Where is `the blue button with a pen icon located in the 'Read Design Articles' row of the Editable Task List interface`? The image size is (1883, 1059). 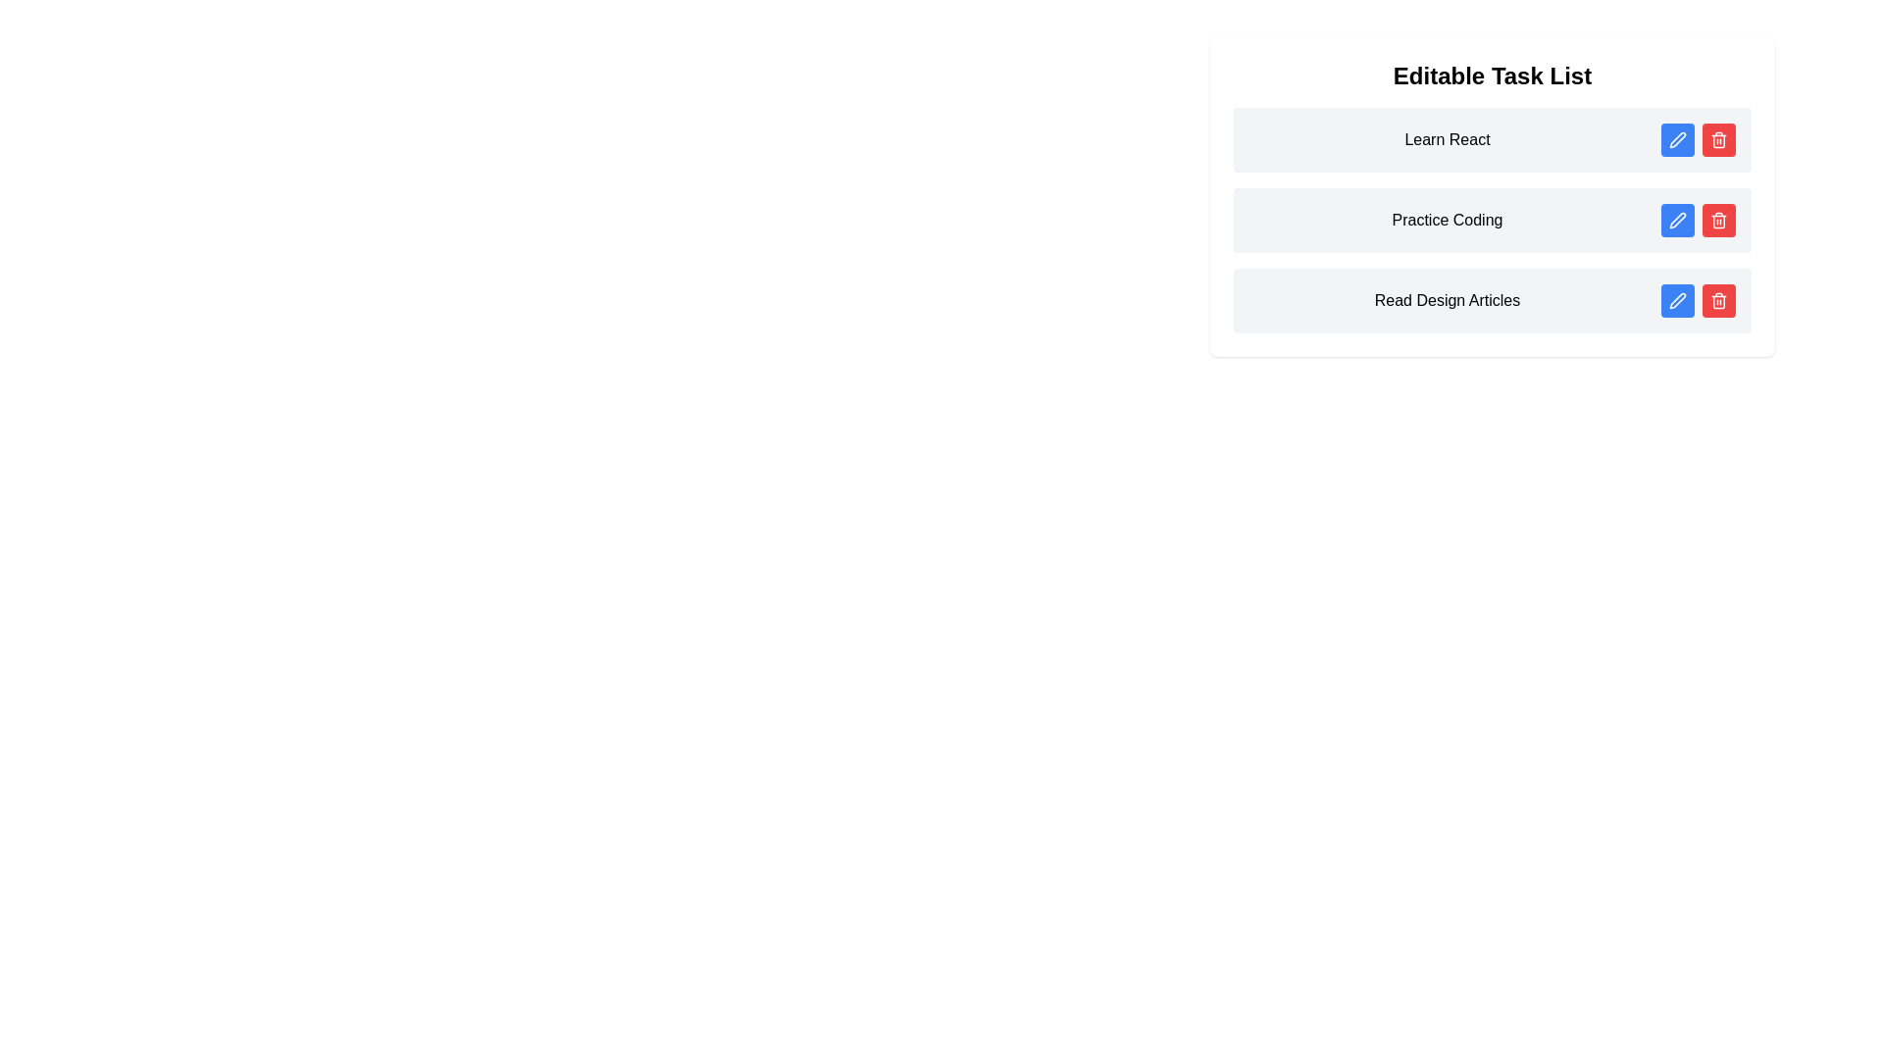 the blue button with a pen icon located in the 'Read Design Articles' row of the Editable Task List interface is located at coordinates (1676, 301).